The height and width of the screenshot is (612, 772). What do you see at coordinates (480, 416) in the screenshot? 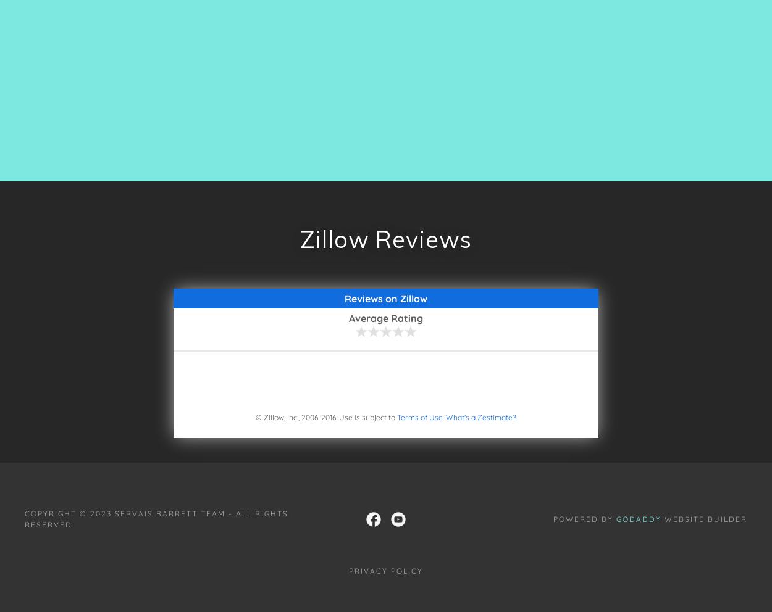
I see `'What's a Zestimate?'` at bounding box center [480, 416].